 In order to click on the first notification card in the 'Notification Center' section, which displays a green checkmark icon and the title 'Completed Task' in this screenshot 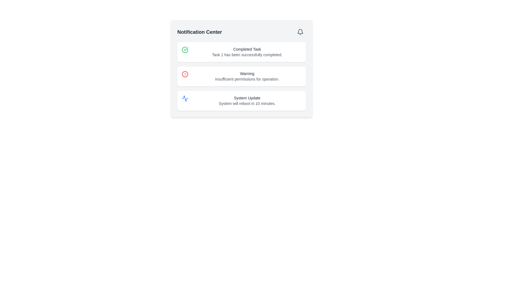, I will do `click(242, 52)`.